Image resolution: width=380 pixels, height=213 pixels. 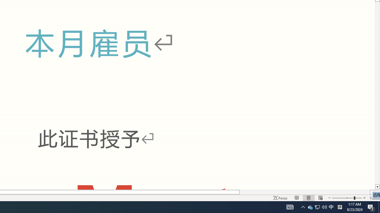 I want to click on 'Zoom', so click(x=347, y=198).